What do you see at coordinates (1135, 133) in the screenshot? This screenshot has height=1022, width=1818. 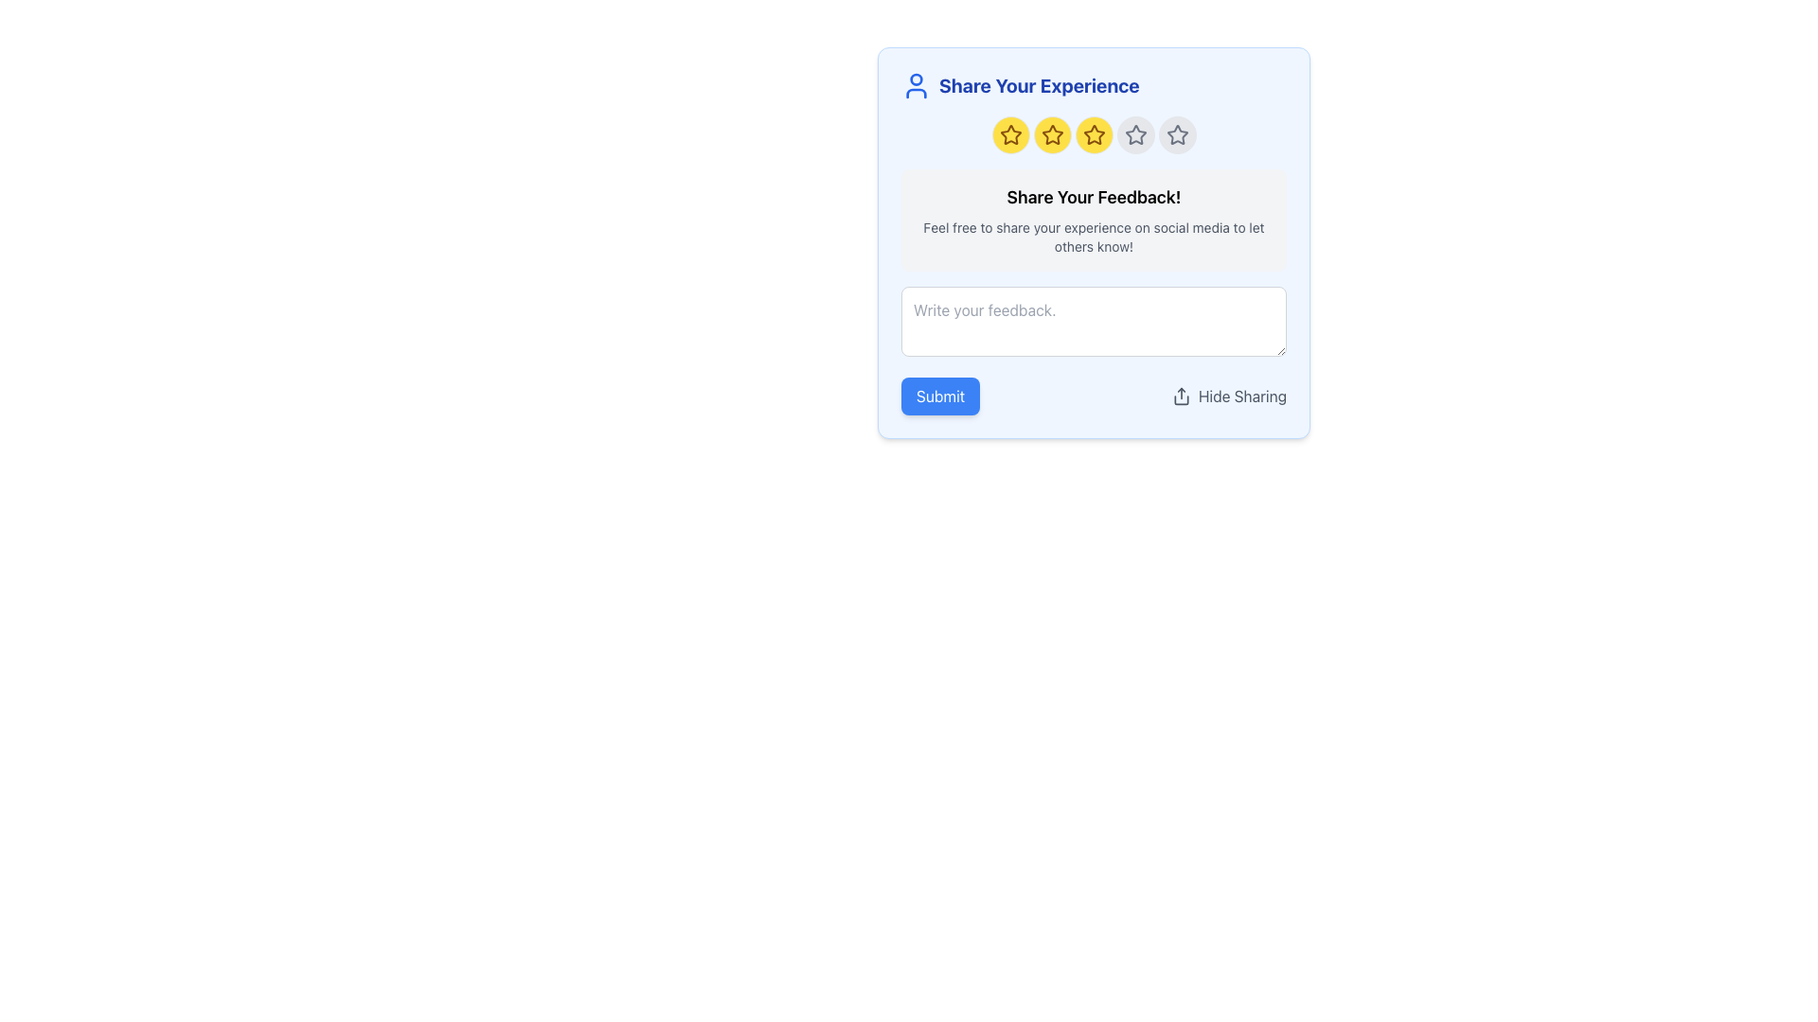 I see `the fourth star button` at bounding box center [1135, 133].